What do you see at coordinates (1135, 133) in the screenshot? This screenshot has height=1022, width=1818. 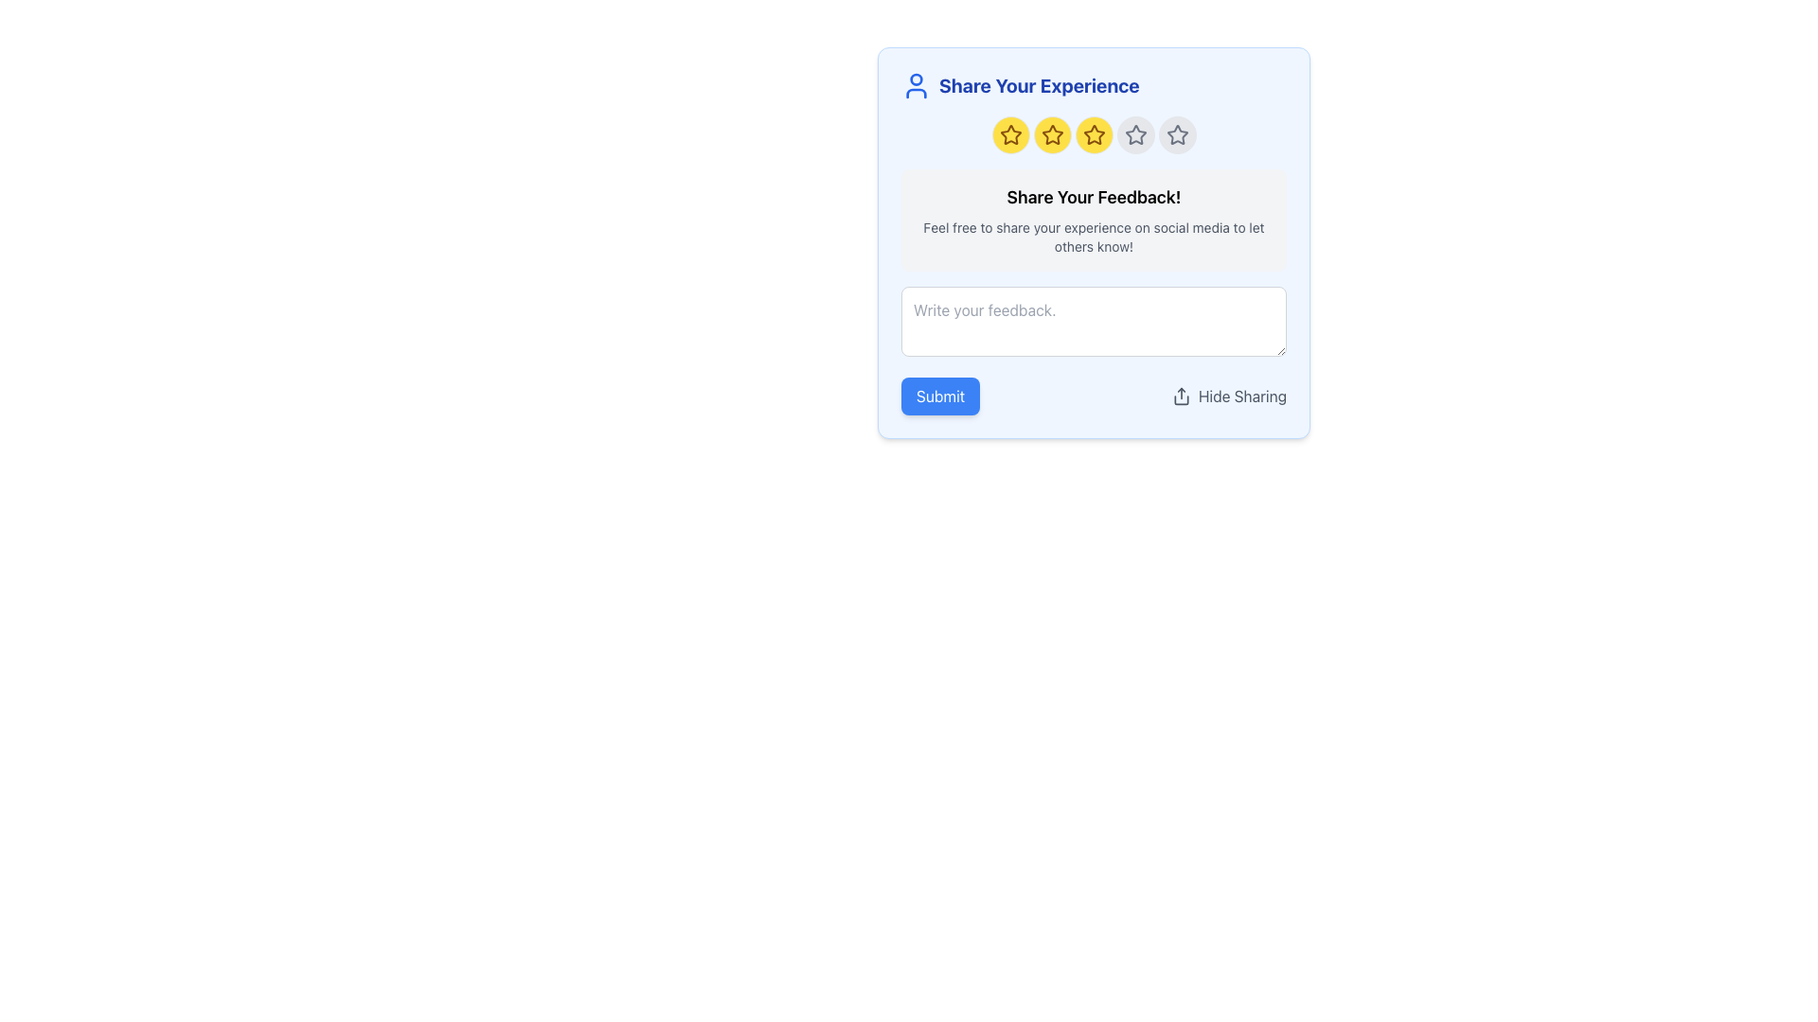 I see `the fourth star button` at bounding box center [1135, 133].